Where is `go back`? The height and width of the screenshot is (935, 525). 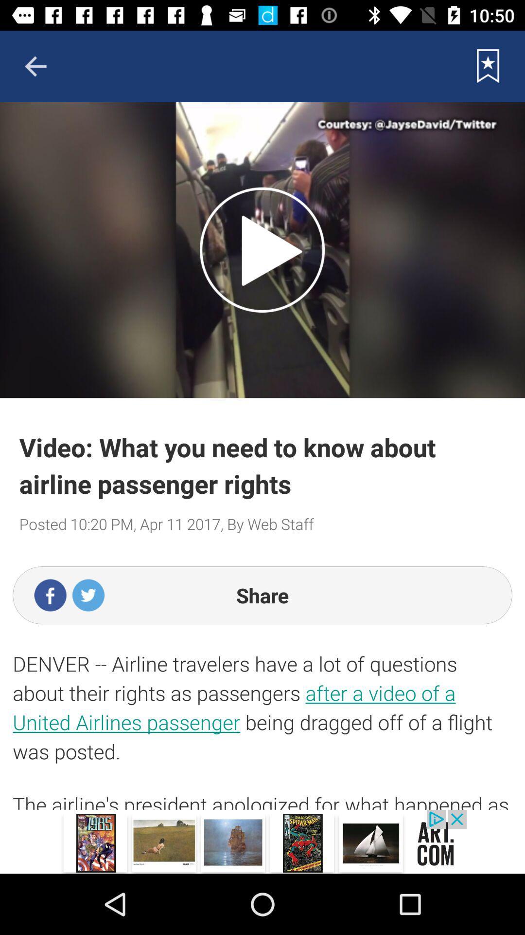 go back is located at coordinates (35, 66).